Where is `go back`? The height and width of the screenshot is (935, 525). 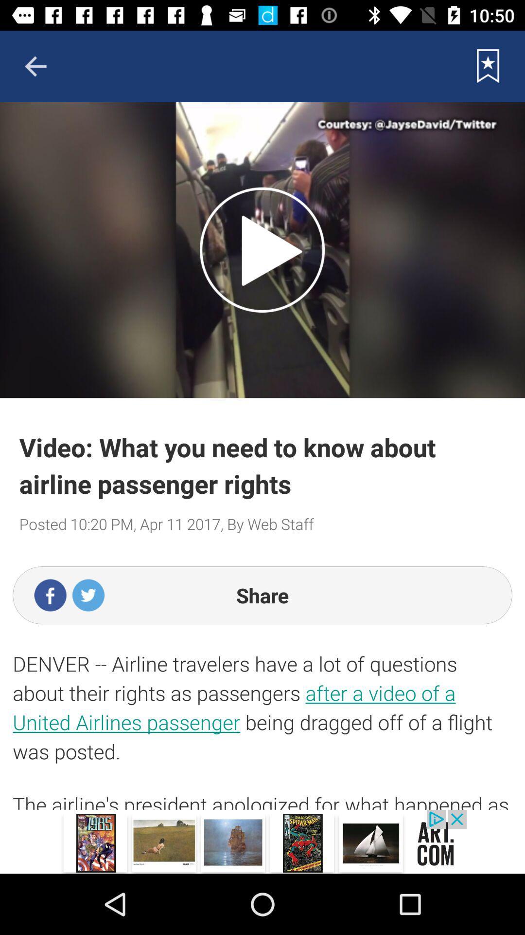 go back is located at coordinates (35, 66).